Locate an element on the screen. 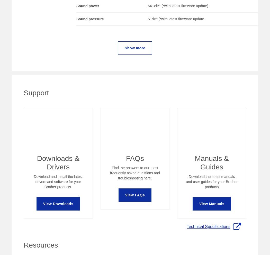  'Help and Support' is located at coordinates (83, 131).